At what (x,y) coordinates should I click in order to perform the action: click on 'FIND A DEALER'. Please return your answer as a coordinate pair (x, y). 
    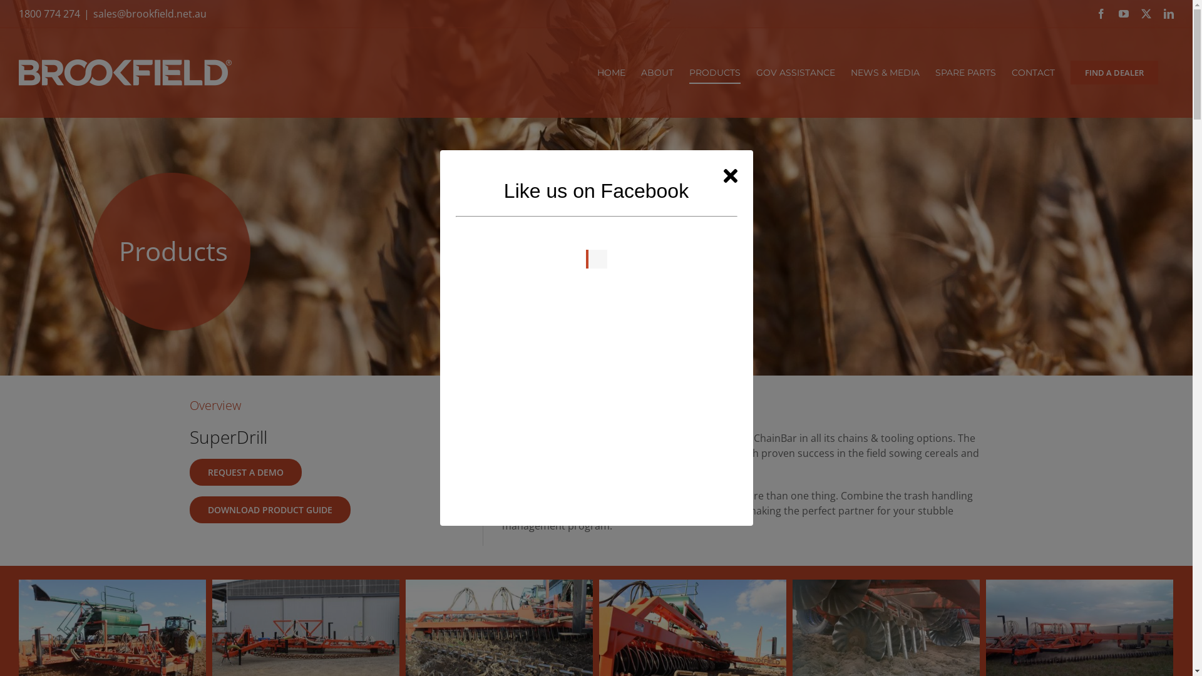
    Looking at the image, I should click on (1114, 72).